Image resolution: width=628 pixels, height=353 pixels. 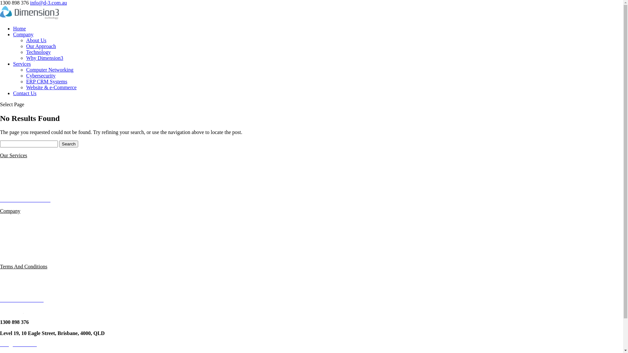 What do you see at coordinates (36, 40) in the screenshot?
I see `'About Us'` at bounding box center [36, 40].